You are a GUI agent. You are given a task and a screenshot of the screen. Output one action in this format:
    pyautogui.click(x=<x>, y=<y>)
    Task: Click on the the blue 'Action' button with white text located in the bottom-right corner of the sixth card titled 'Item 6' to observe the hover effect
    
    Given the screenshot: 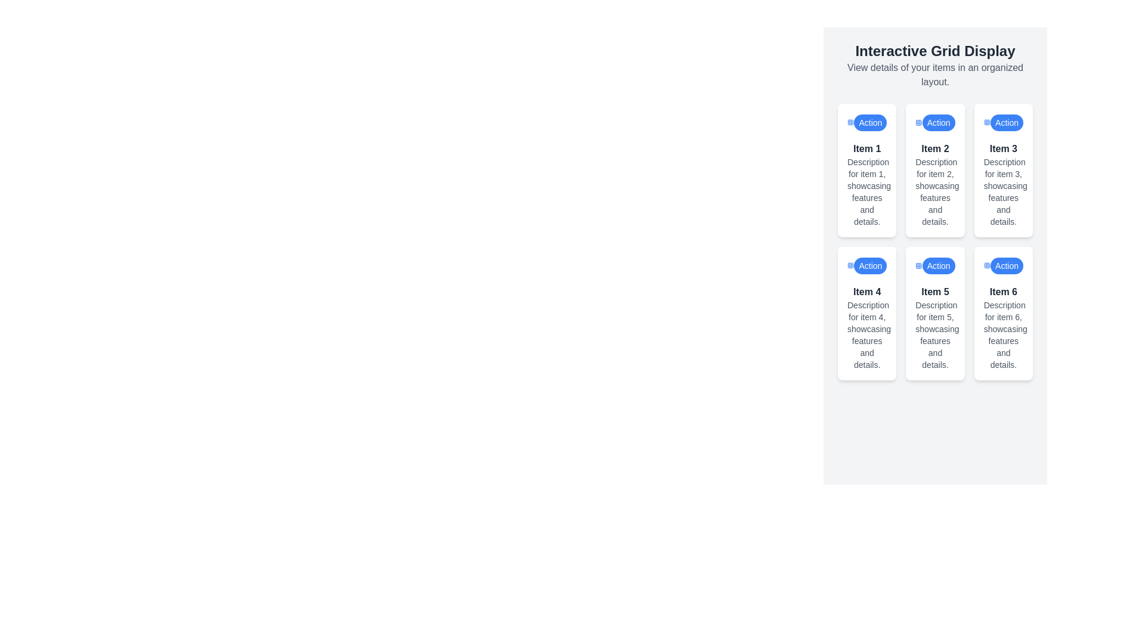 What is the action you would take?
    pyautogui.click(x=1006, y=265)
    